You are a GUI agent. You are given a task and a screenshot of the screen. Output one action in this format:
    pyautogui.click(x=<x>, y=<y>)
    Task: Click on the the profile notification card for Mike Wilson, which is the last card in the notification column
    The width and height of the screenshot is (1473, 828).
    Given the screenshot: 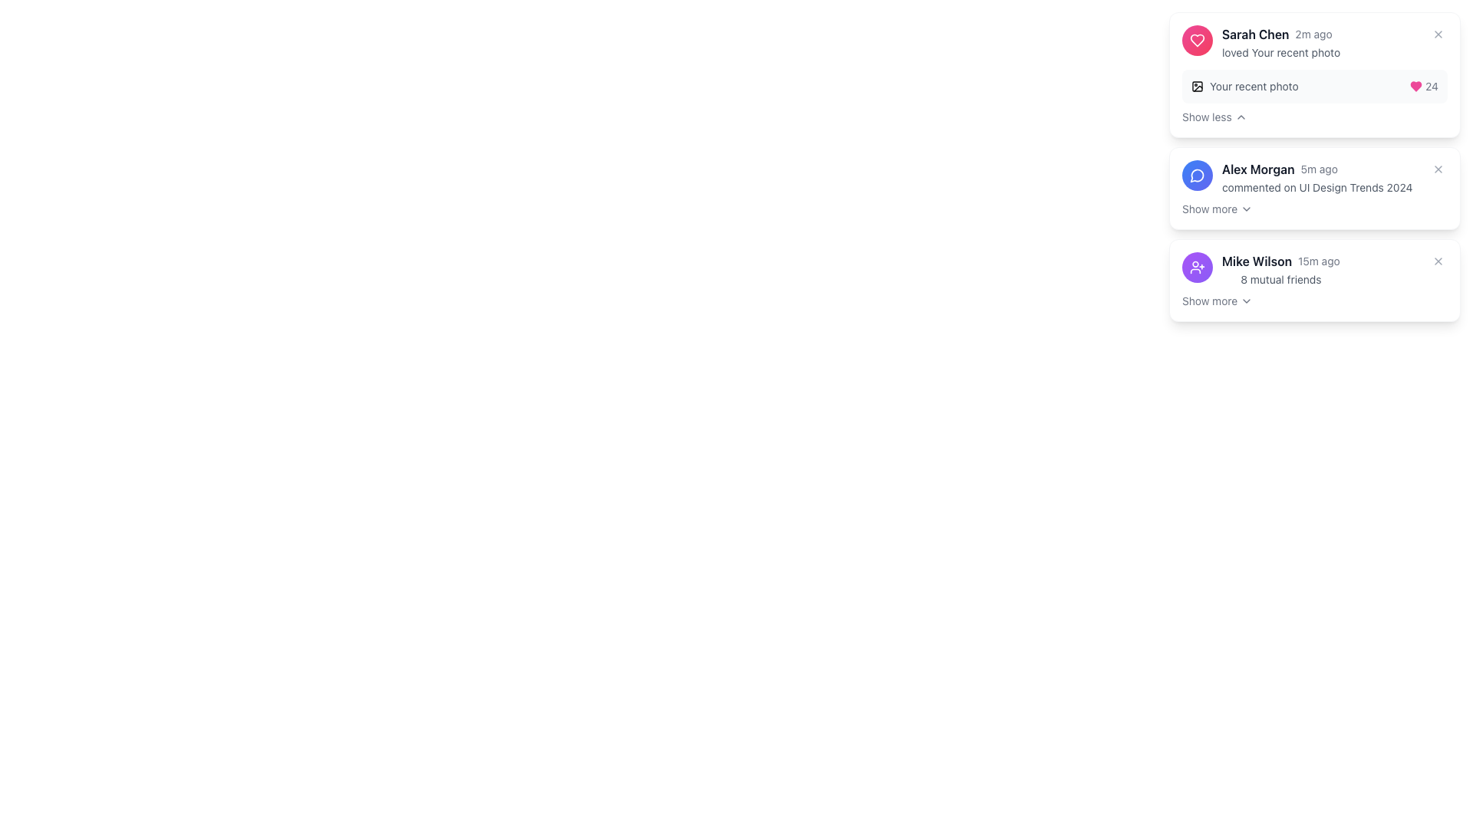 What is the action you would take?
    pyautogui.click(x=1313, y=268)
    